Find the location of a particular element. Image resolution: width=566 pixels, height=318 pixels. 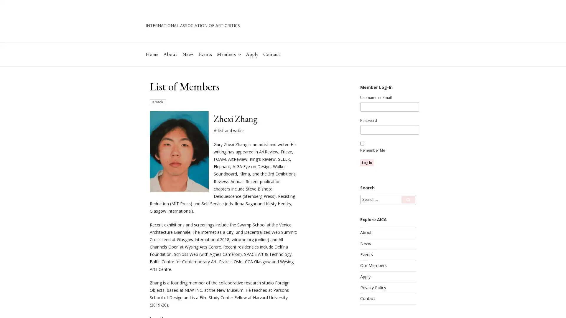

Search is located at coordinates (408, 218).